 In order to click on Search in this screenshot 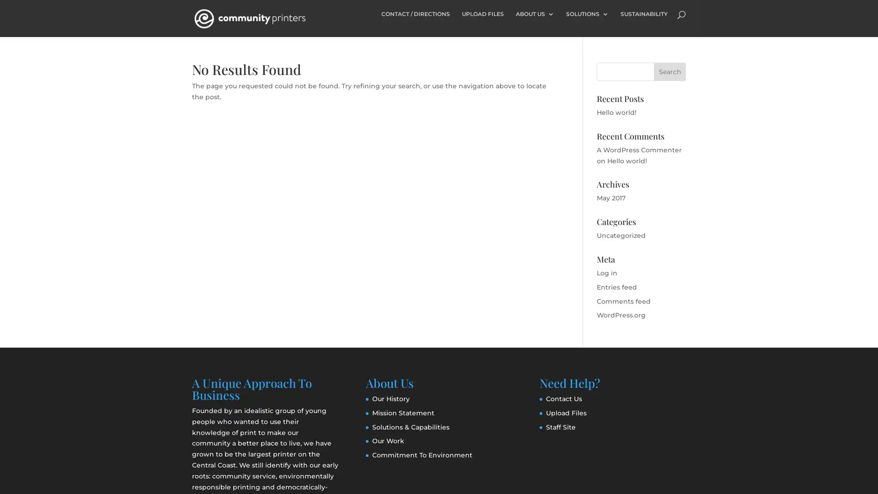, I will do `click(669, 75)`.